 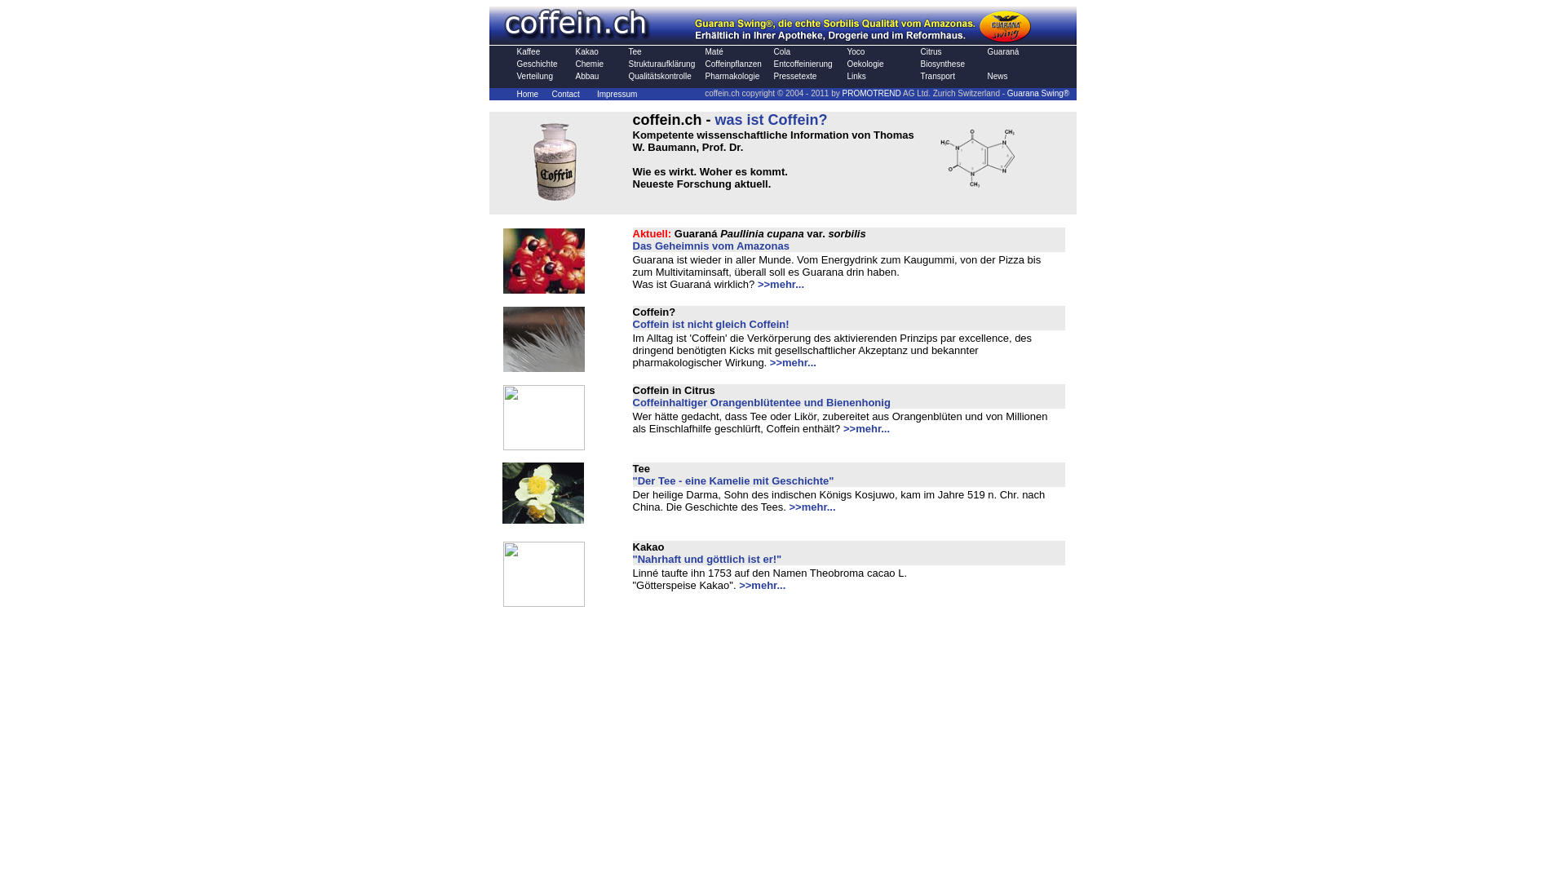 What do you see at coordinates (794, 76) in the screenshot?
I see `'Pressetexte'` at bounding box center [794, 76].